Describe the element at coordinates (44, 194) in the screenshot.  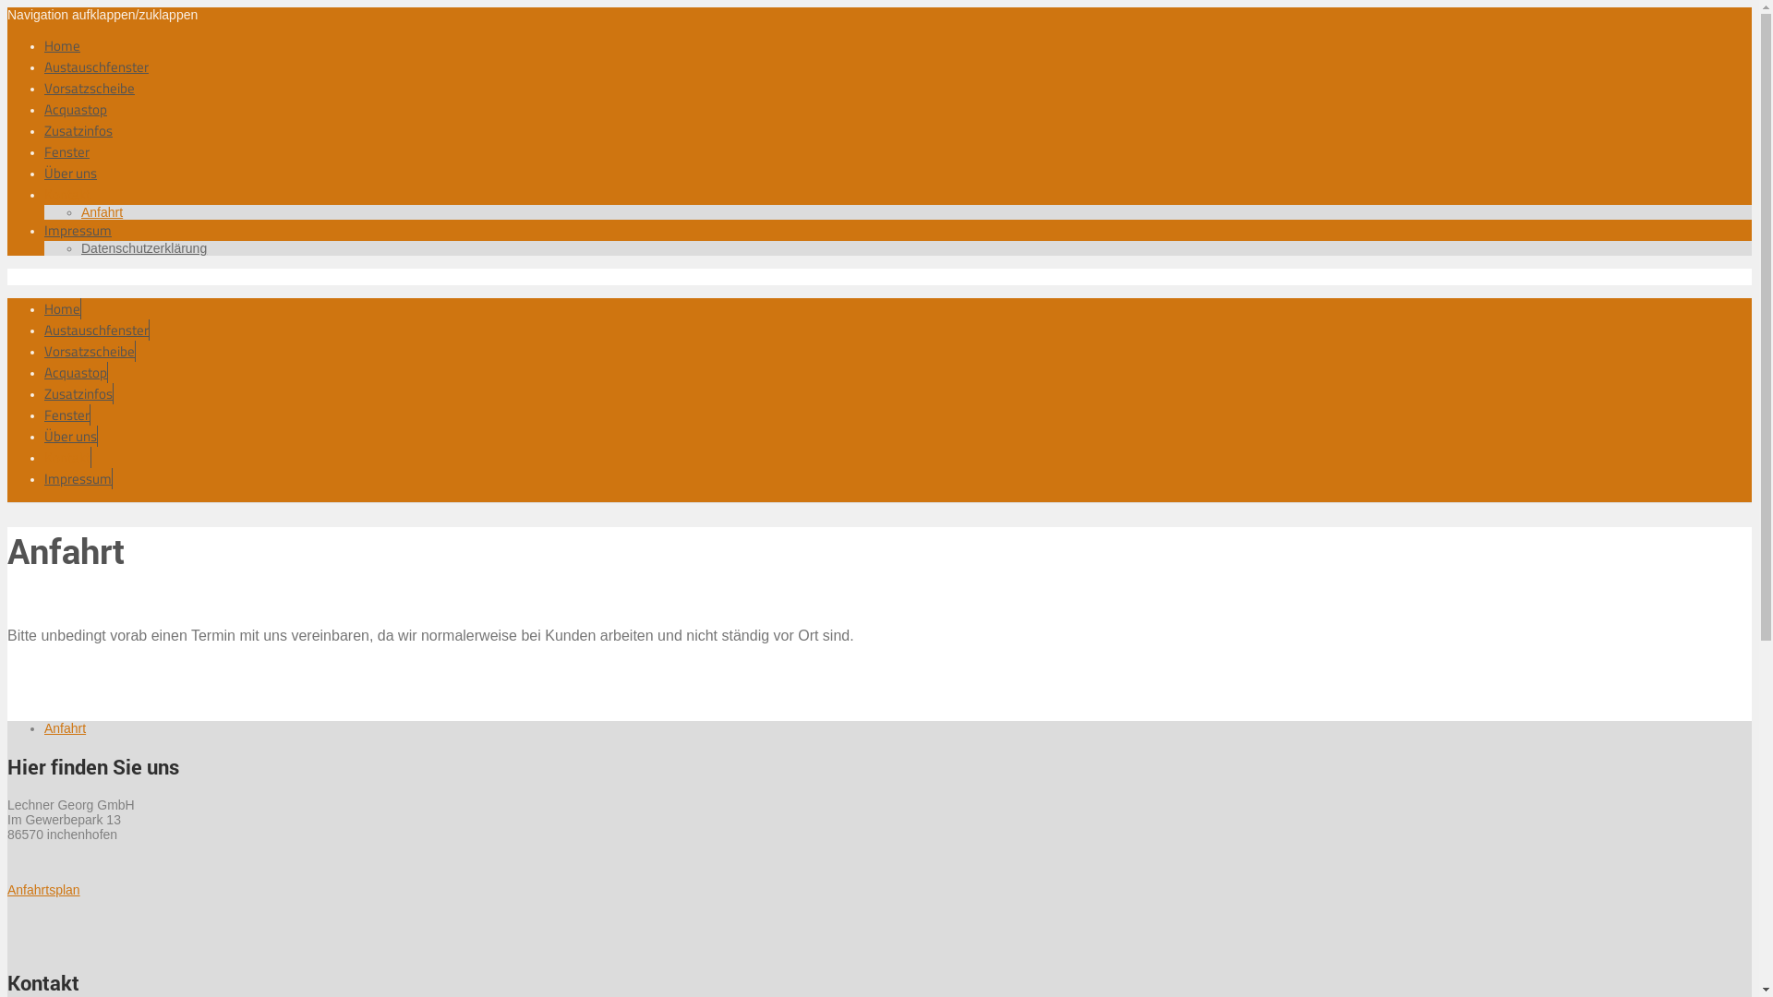
I see `'Kontakt'` at that location.